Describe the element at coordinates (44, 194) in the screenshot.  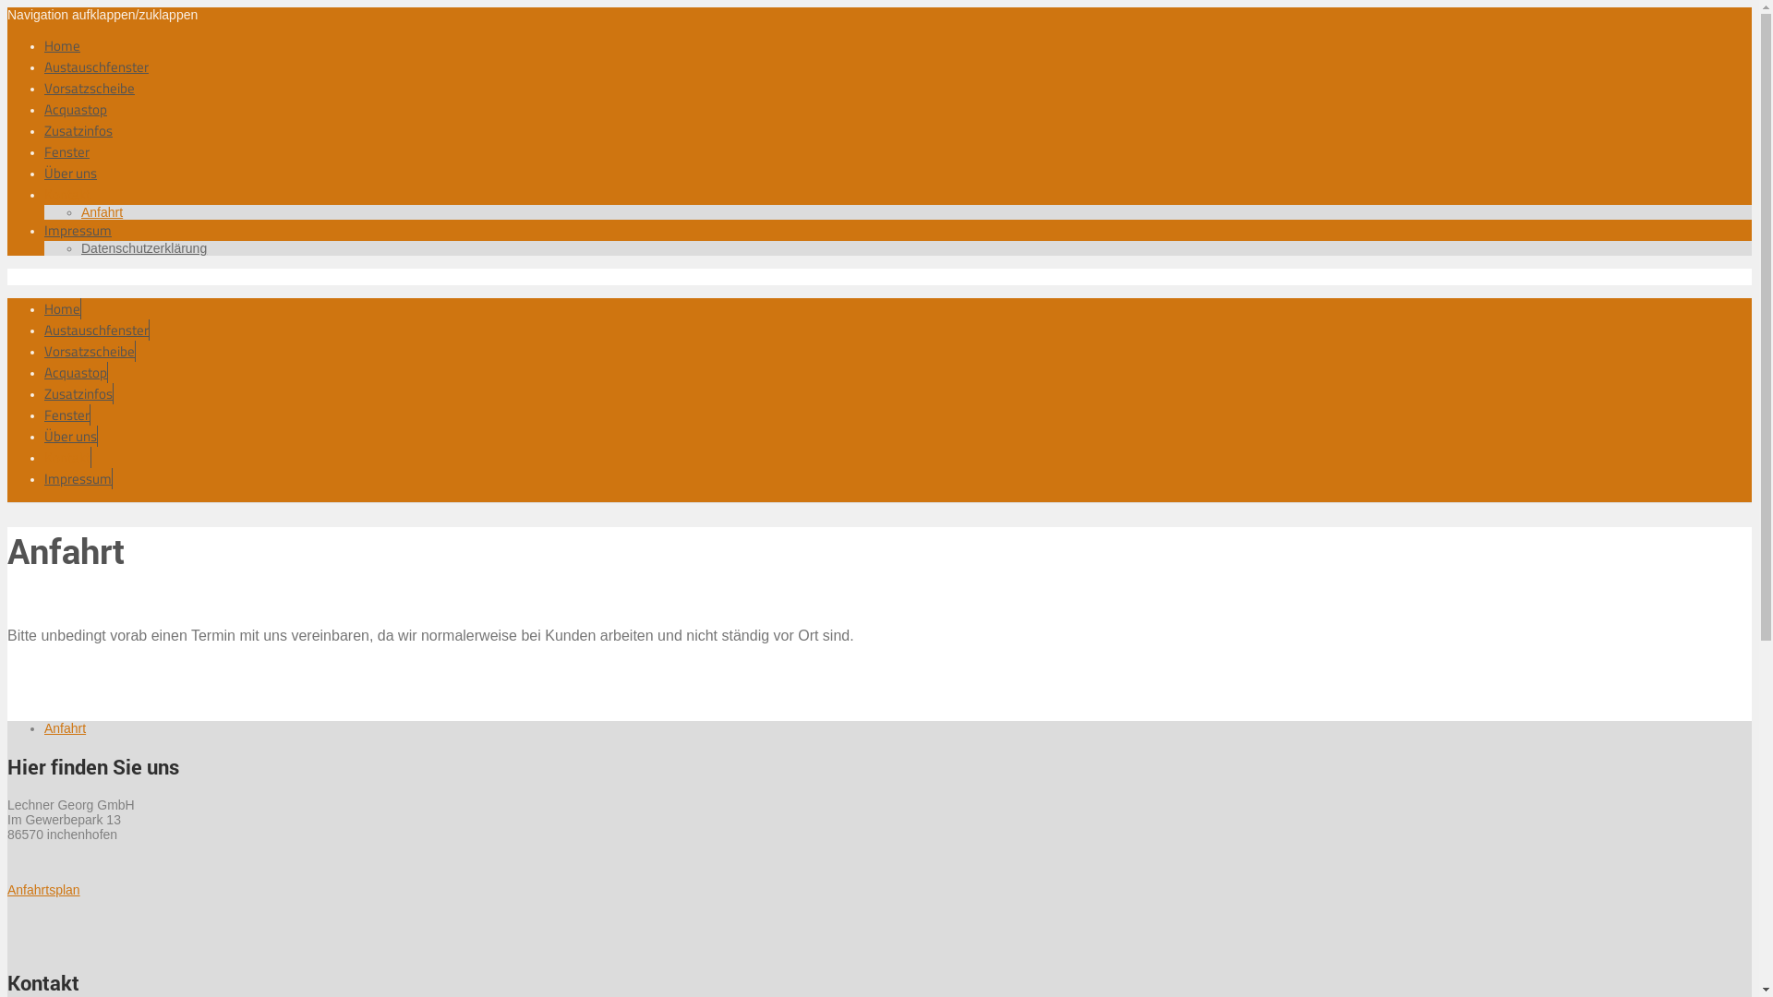
I see `'Kontakt'` at that location.